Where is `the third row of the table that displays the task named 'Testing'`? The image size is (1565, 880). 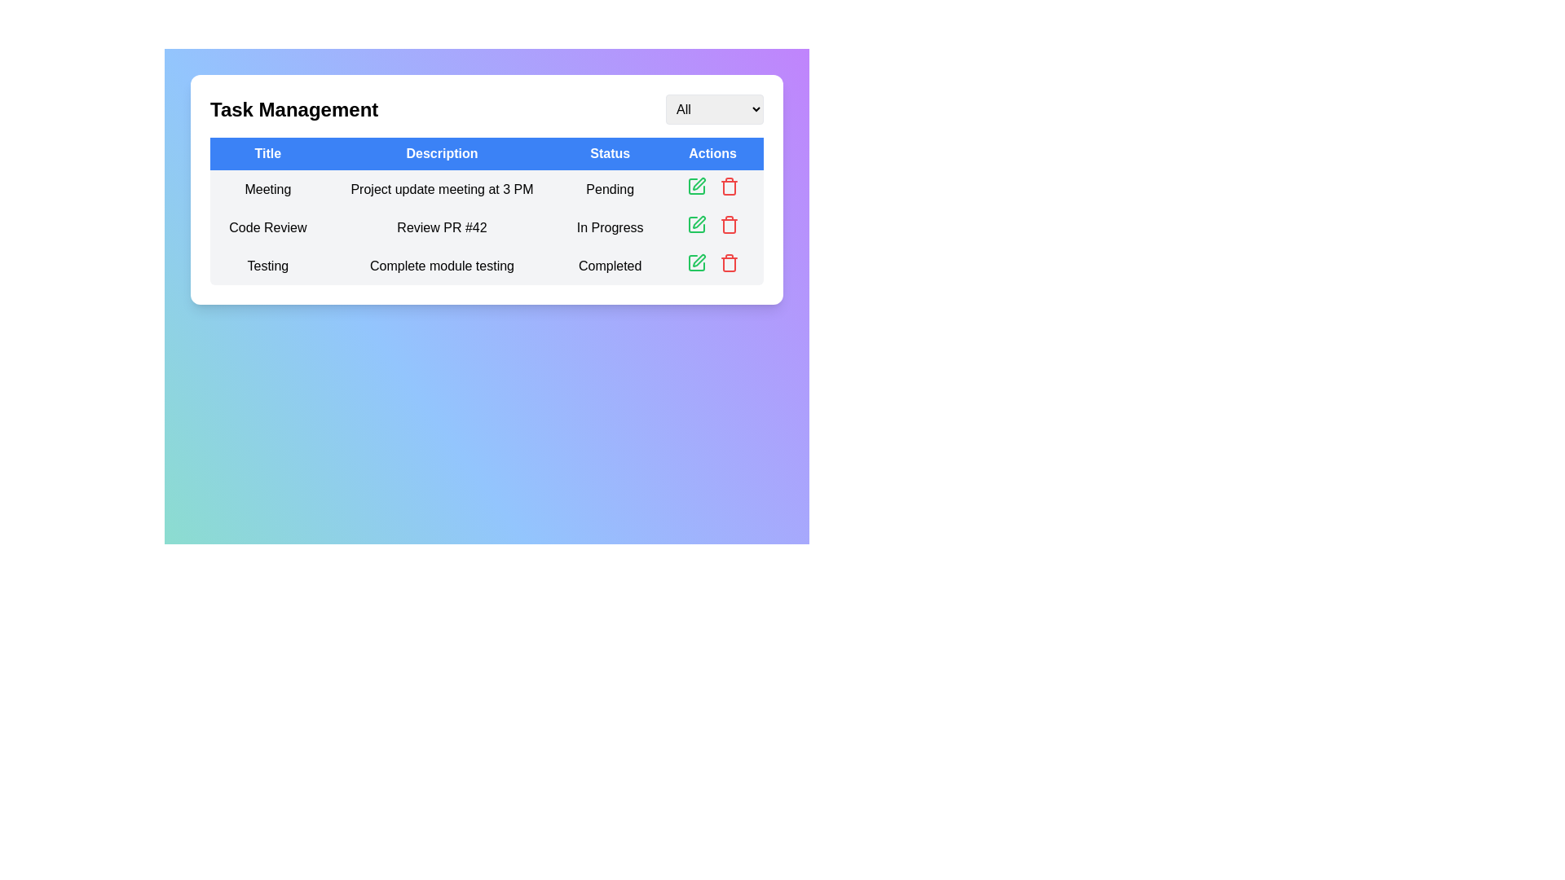 the third row of the table that displays the task named 'Testing' is located at coordinates (486, 265).